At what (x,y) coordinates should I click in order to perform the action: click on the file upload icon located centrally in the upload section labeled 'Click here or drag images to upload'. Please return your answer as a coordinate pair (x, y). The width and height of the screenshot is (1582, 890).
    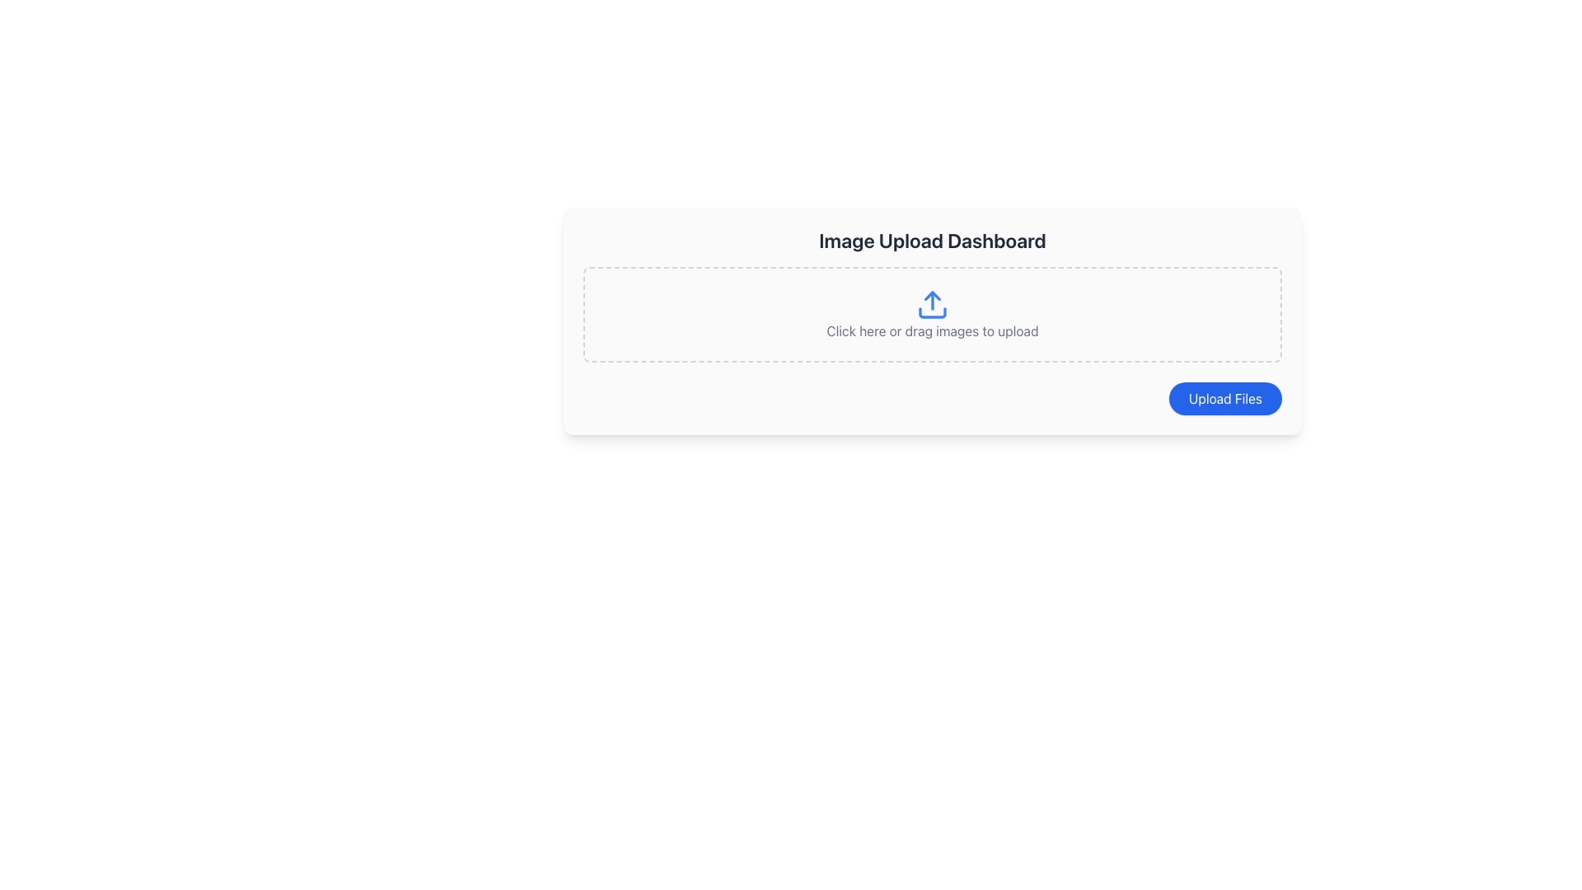
    Looking at the image, I should click on (933, 305).